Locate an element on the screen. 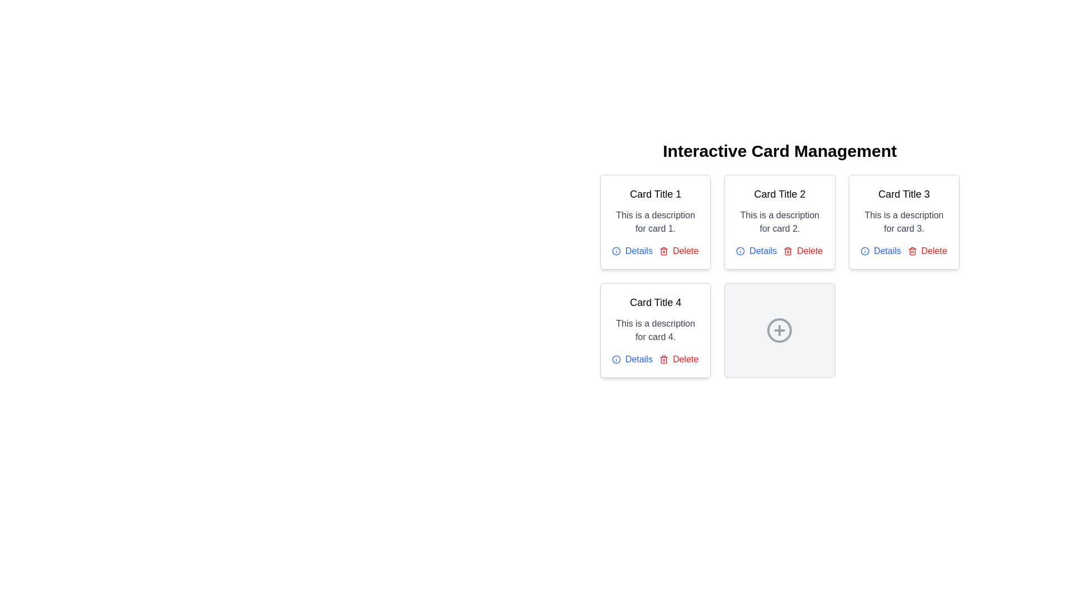 This screenshot has width=1073, height=603. the trash can icon, which is styled in red and positioned next to the 'Delete' text label in the 'Delete' button of 'Card Title 1' is located at coordinates (663, 251).